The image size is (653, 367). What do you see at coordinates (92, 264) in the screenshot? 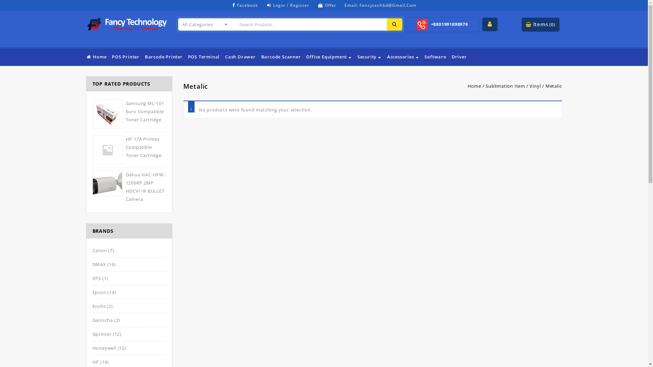
I see `'DMAX'` at bounding box center [92, 264].